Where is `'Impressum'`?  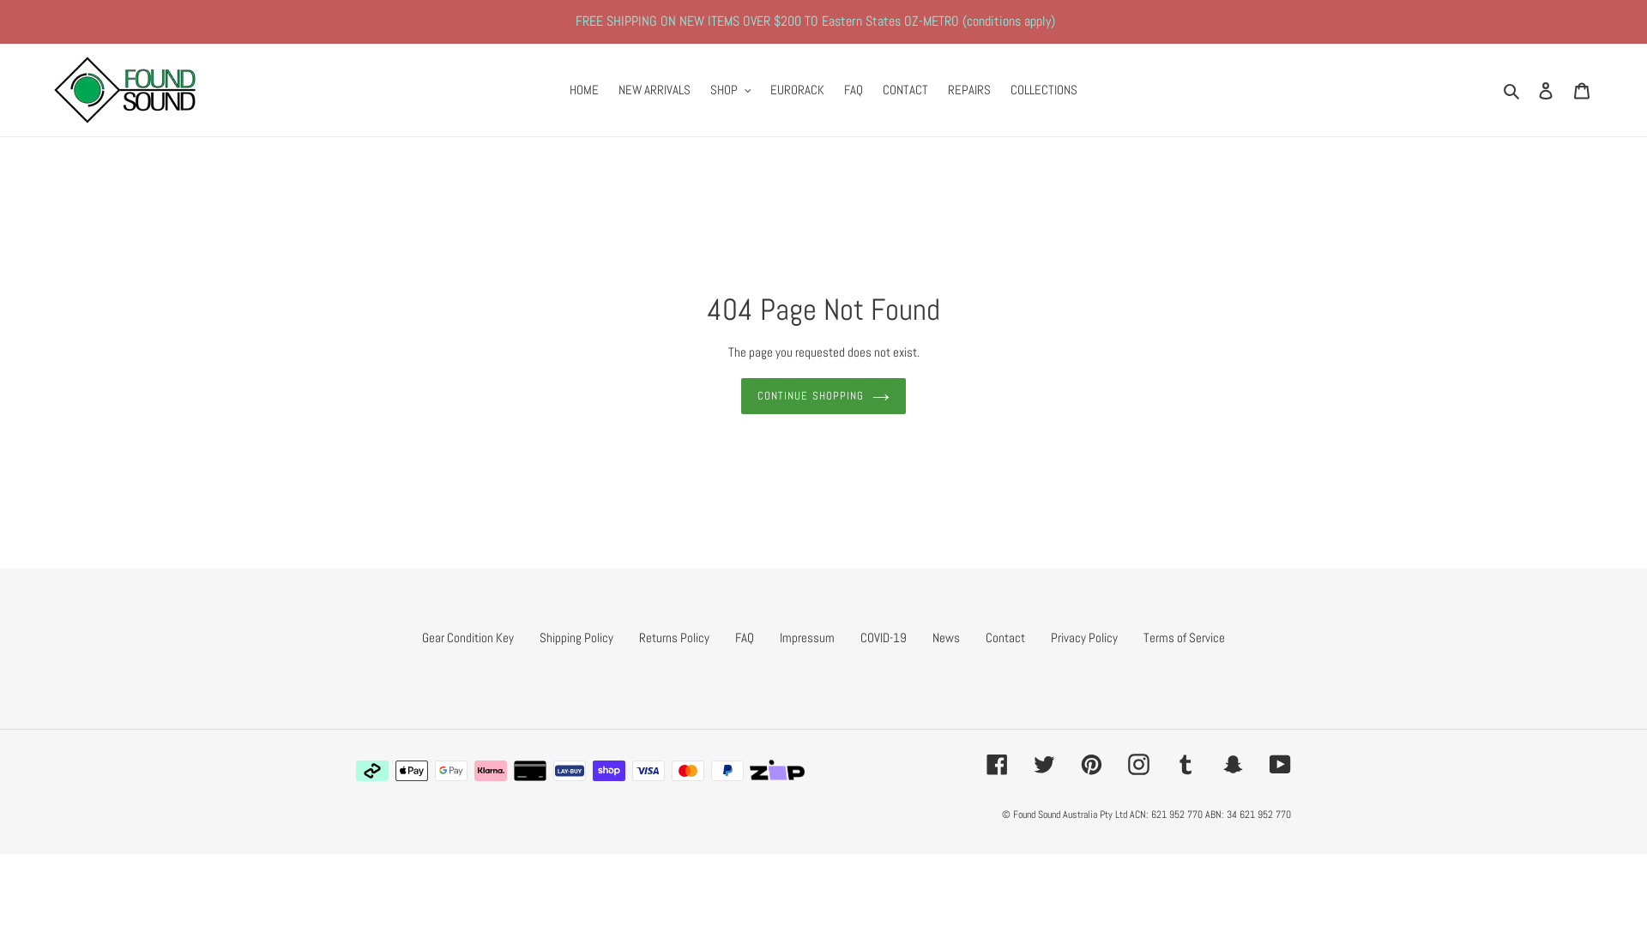
'Impressum' is located at coordinates (805, 637).